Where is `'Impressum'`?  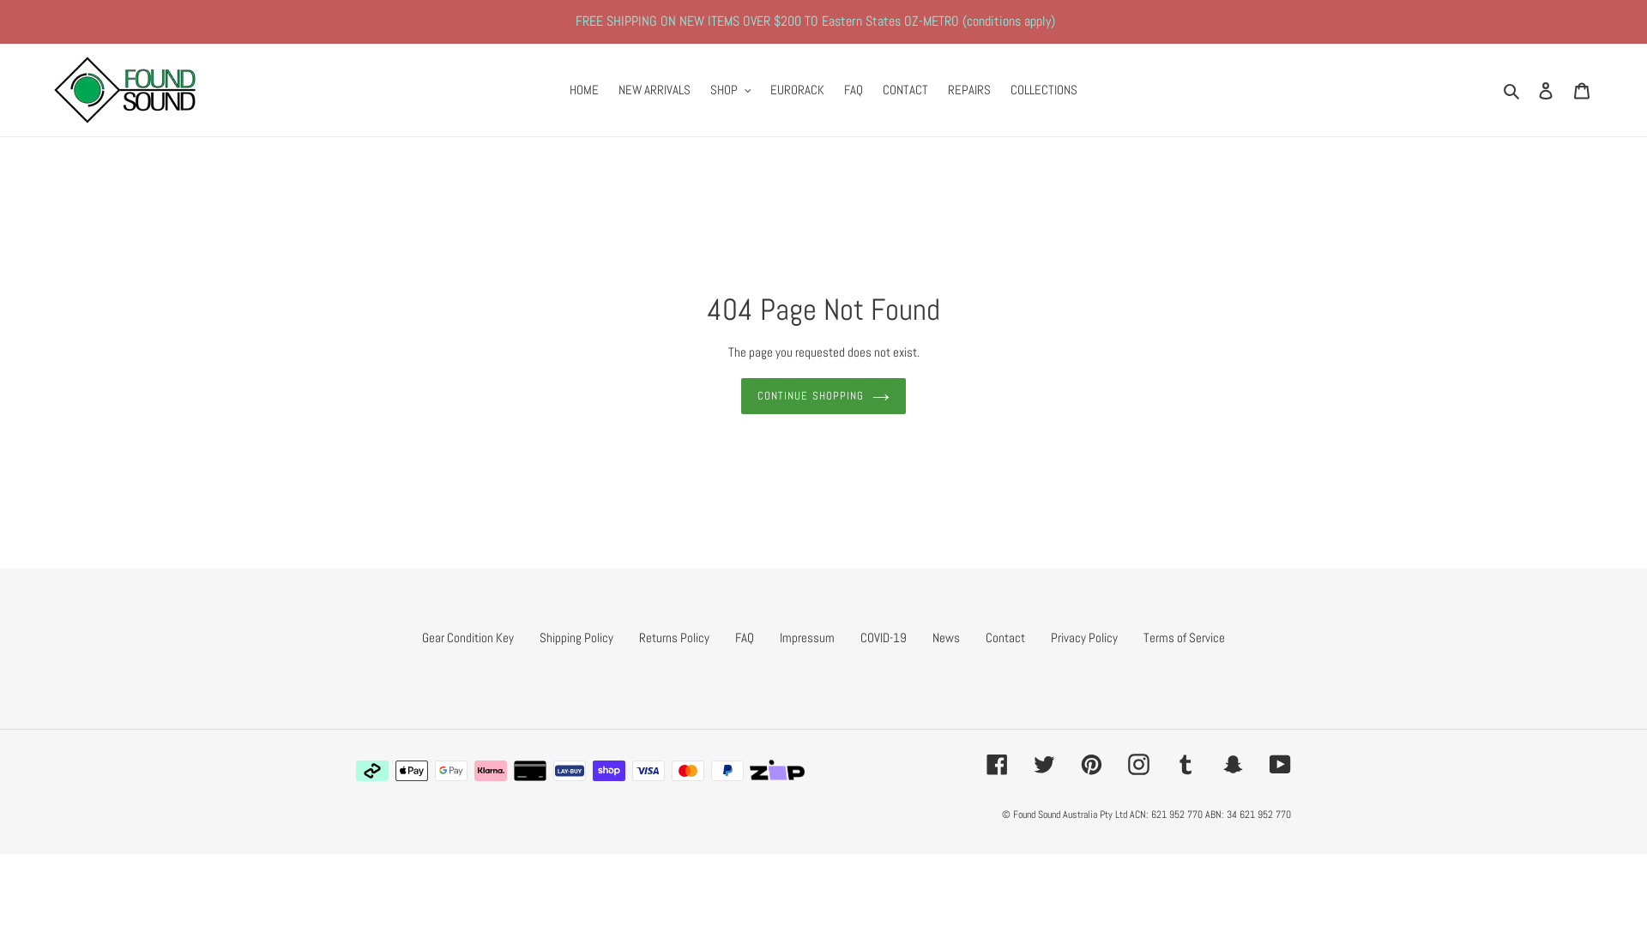
'Impressum' is located at coordinates (805, 637).